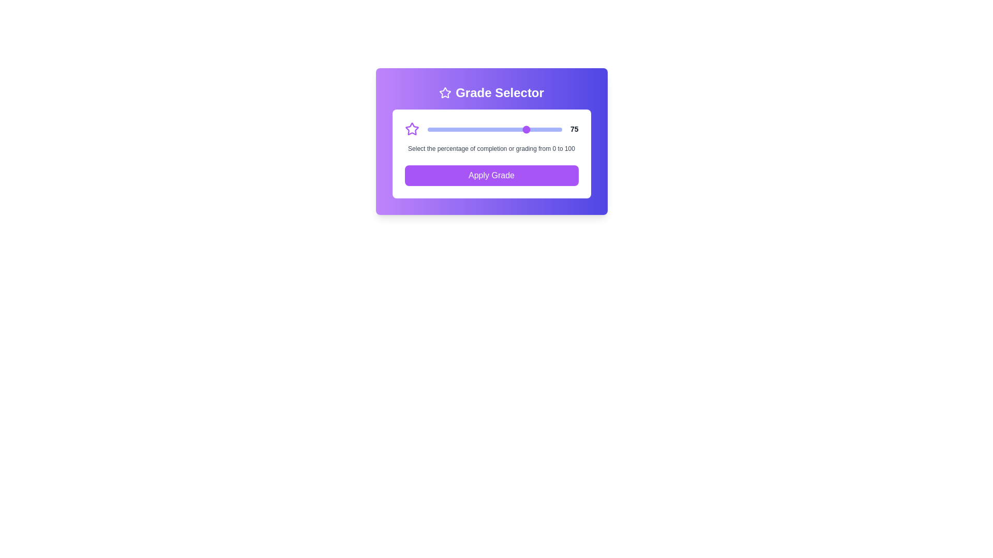  What do you see at coordinates (530, 129) in the screenshot?
I see `the slider` at bounding box center [530, 129].